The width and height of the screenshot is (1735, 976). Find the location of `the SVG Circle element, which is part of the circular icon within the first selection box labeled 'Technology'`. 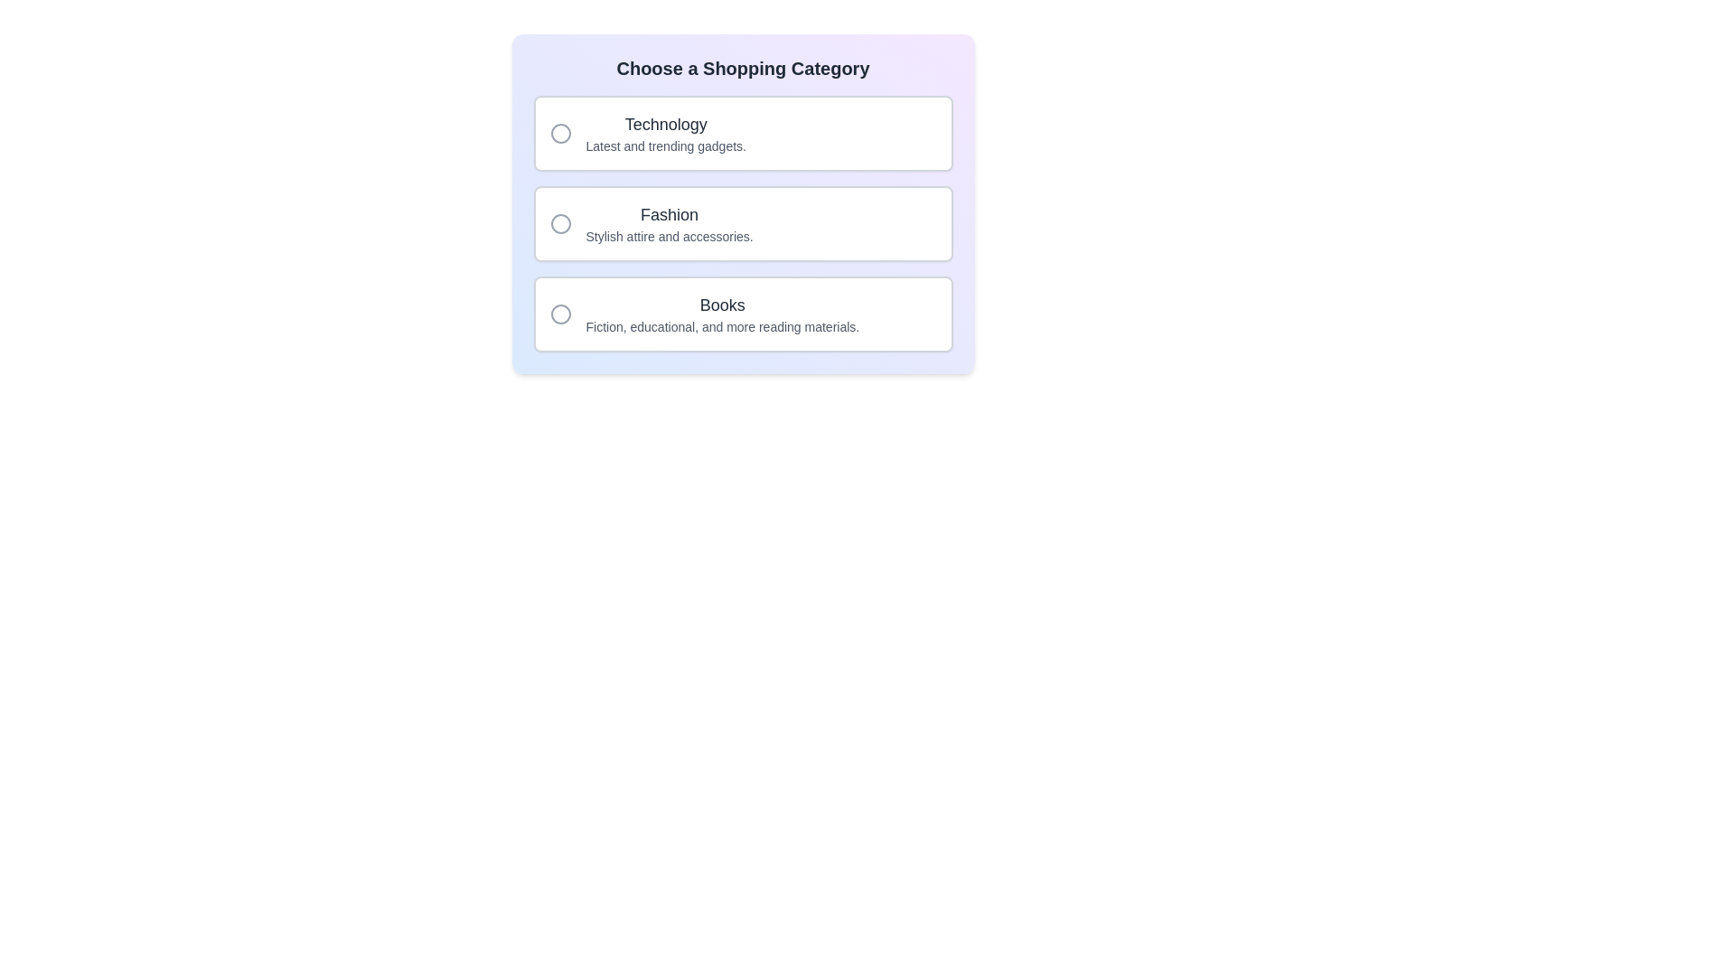

the SVG Circle element, which is part of the circular icon within the first selection box labeled 'Technology' is located at coordinates (559, 132).